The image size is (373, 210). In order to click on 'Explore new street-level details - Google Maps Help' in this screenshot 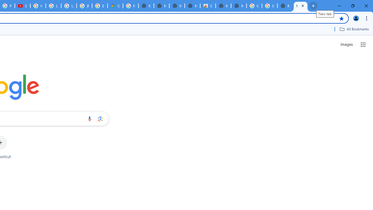, I will do `click(100, 6)`.